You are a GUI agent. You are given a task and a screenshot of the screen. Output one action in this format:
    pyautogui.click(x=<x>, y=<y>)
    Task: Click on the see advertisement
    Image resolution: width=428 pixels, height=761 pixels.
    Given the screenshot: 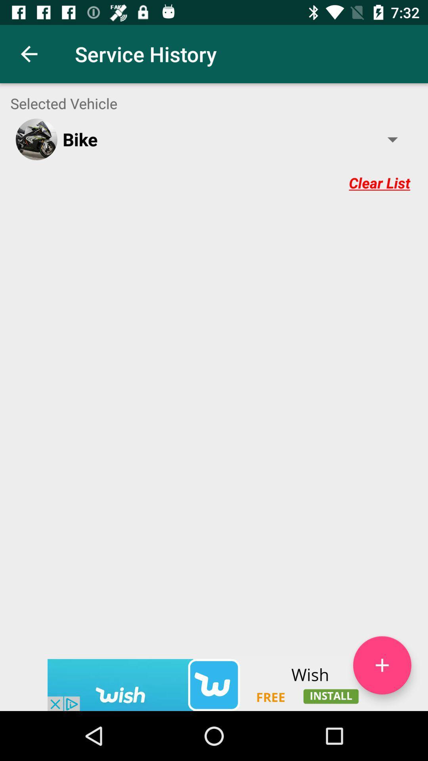 What is the action you would take?
    pyautogui.click(x=214, y=685)
    